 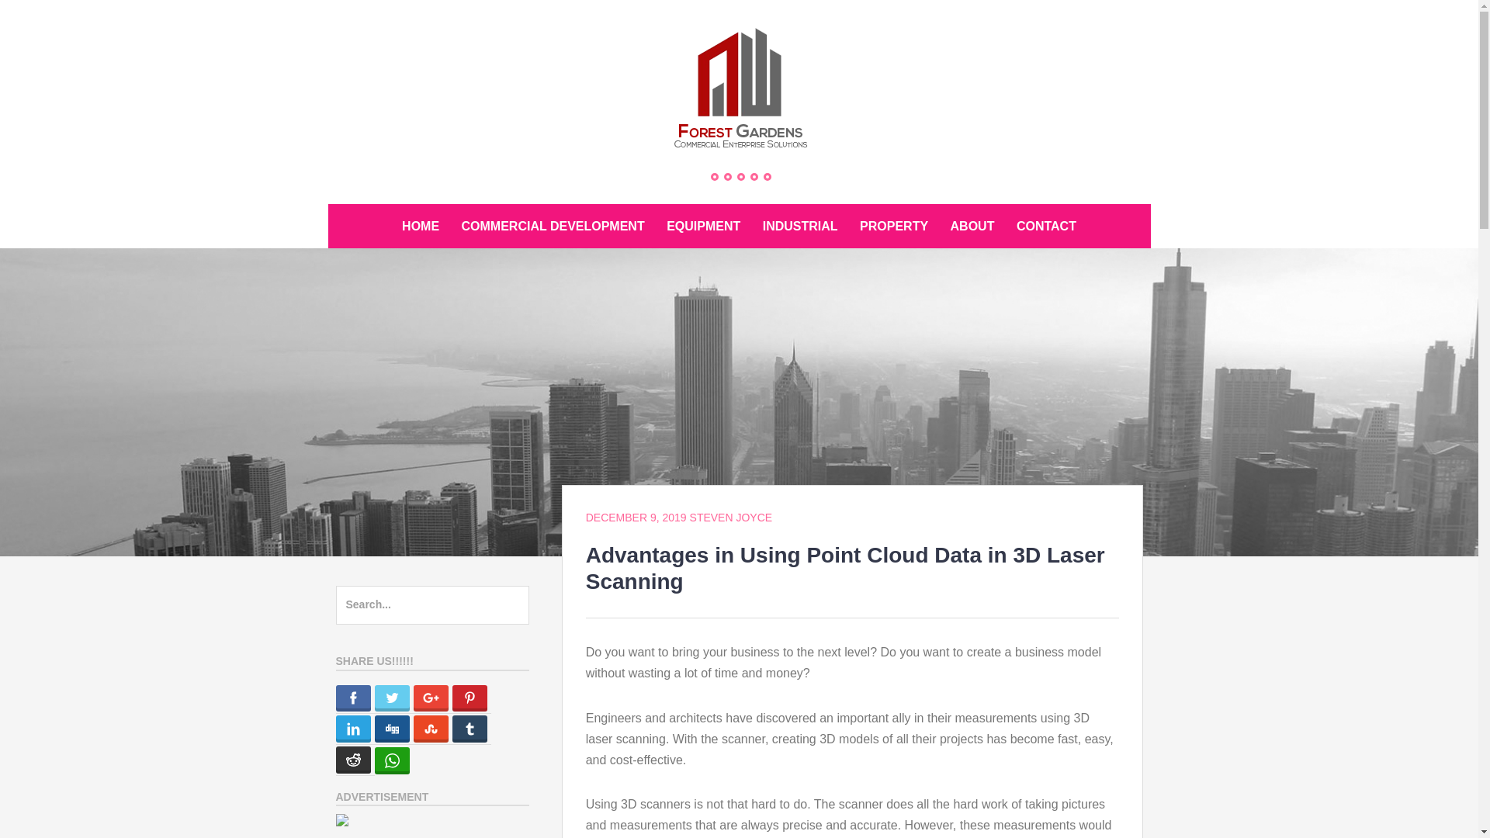 I want to click on 'Skip to content', so click(x=327, y=203).